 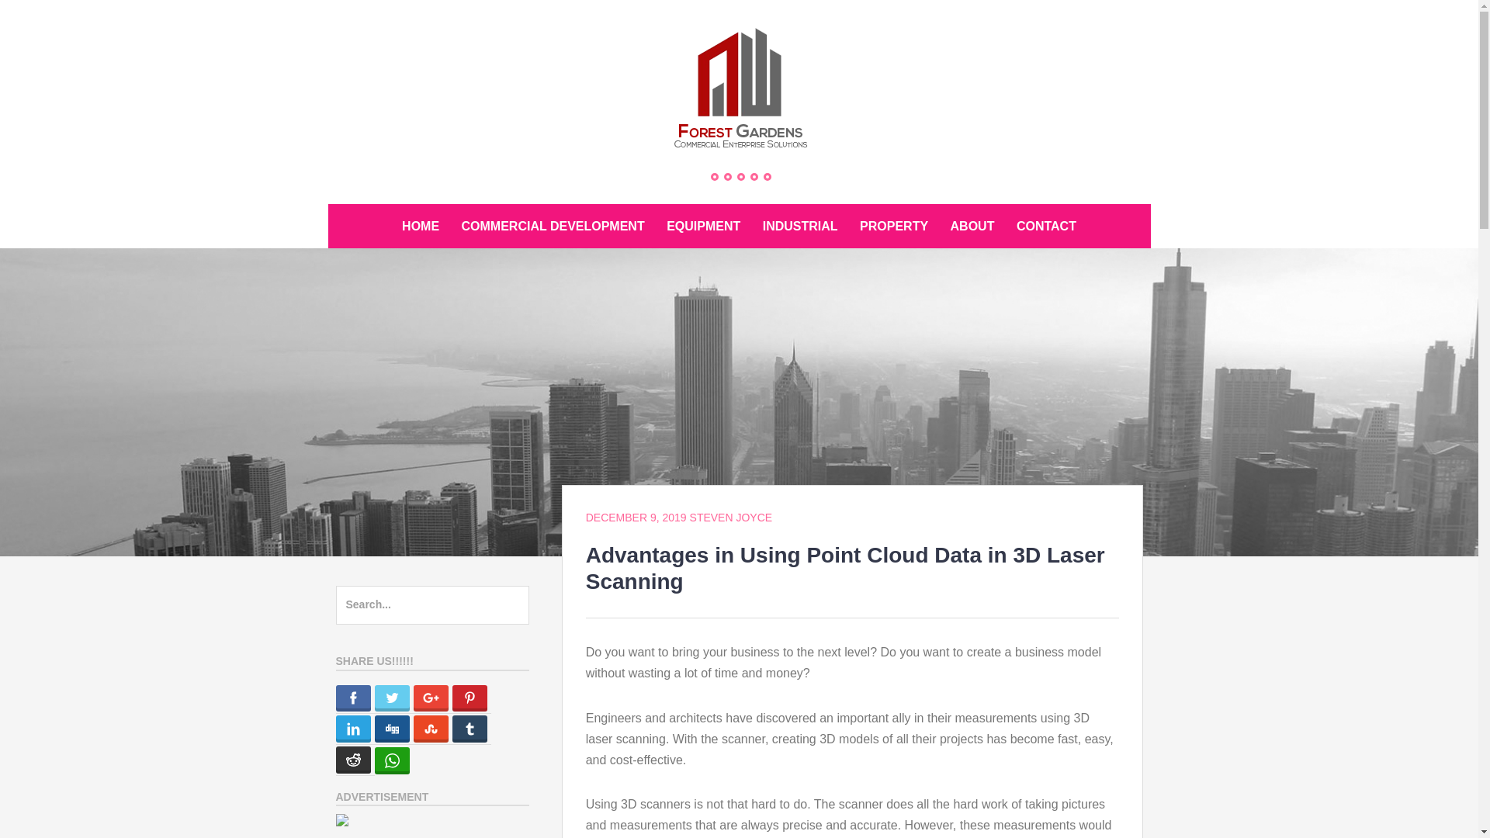 I want to click on 'Skip to content', so click(x=327, y=203).